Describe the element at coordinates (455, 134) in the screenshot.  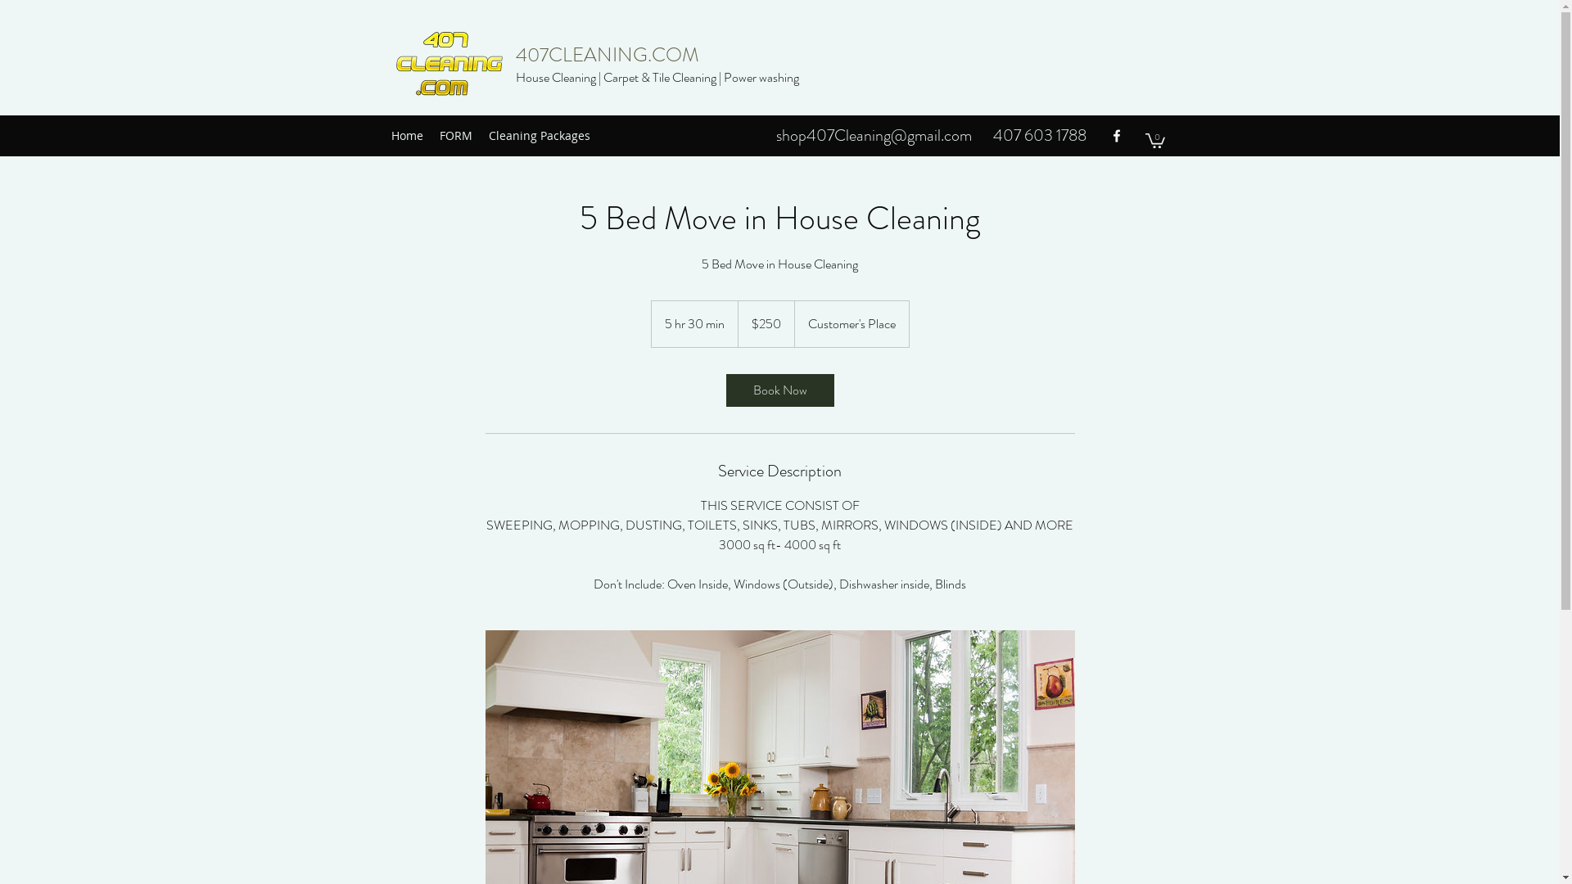
I see `'FORM'` at that location.